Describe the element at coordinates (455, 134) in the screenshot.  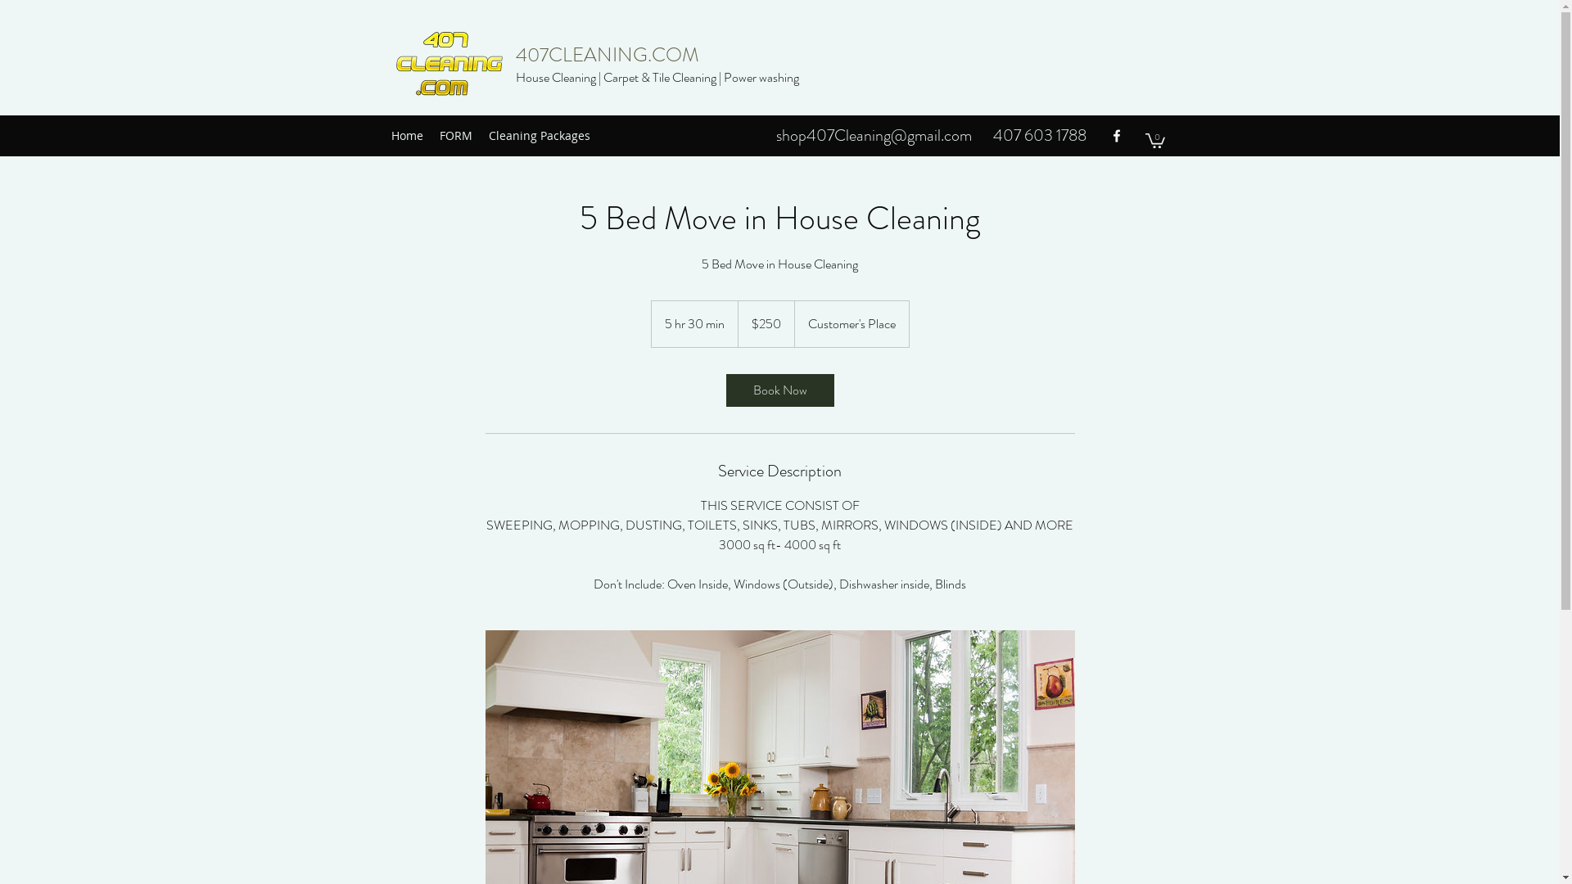
I see `'FORM'` at that location.